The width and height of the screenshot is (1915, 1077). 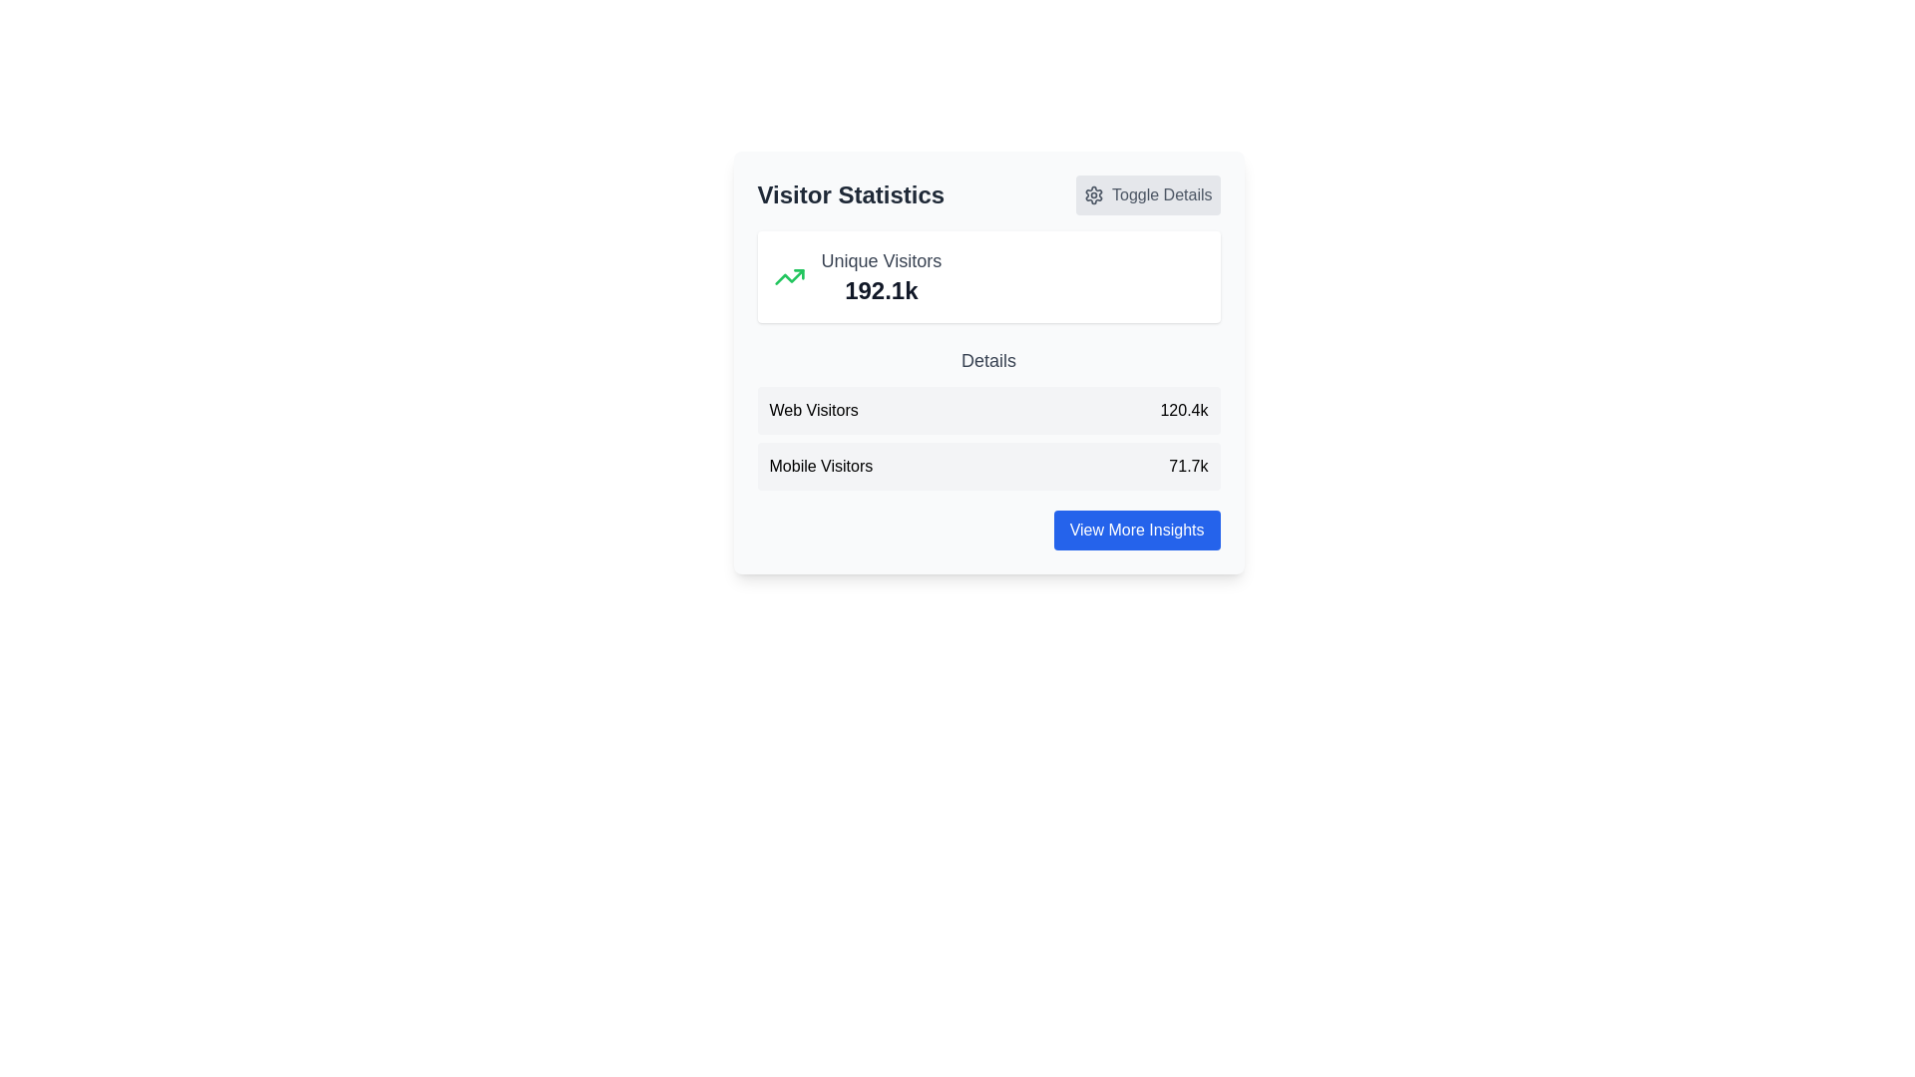 What do you see at coordinates (988, 276) in the screenshot?
I see `the Informational Card displaying the number of unique visitors located in the Visitor Statistics section, positioned between the title and the Details subsection` at bounding box center [988, 276].